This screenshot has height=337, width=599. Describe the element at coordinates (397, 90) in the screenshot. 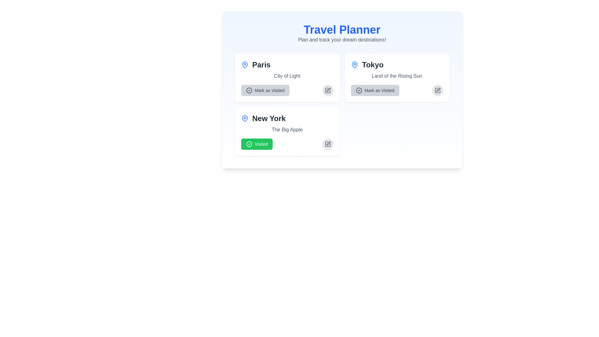

I see `the button located in the 'Tokyo' section of the 'Travel Planner' interface to mark 'Tokyo' as visited` at that location.